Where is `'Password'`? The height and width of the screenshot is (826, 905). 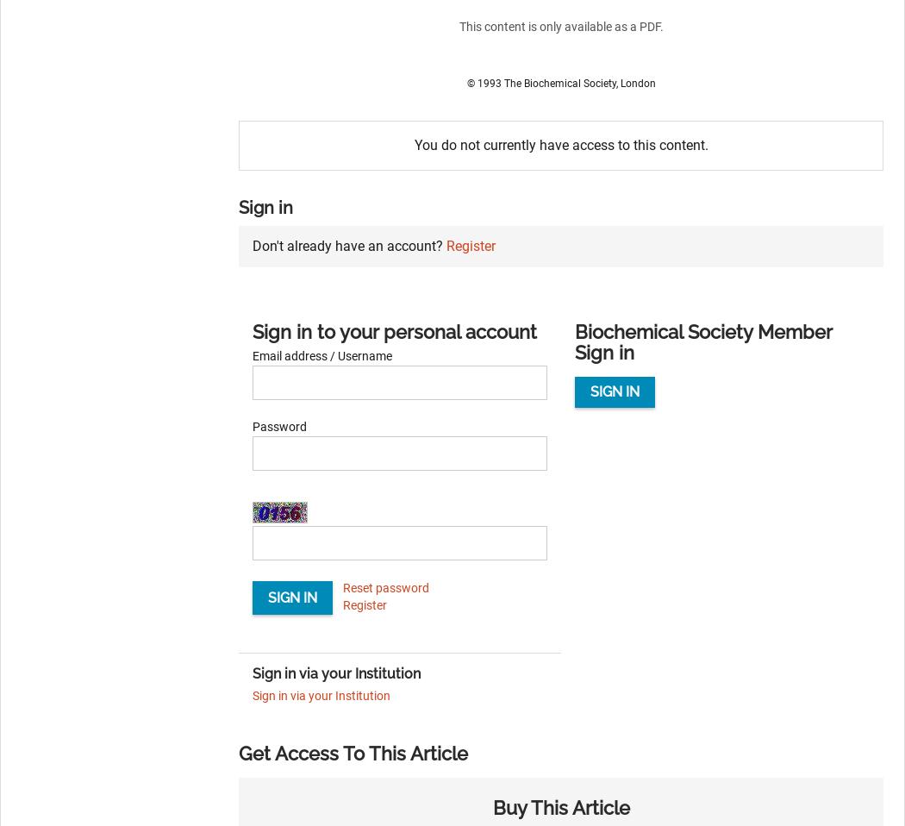 'Password' is located at coordinates (279, 425).